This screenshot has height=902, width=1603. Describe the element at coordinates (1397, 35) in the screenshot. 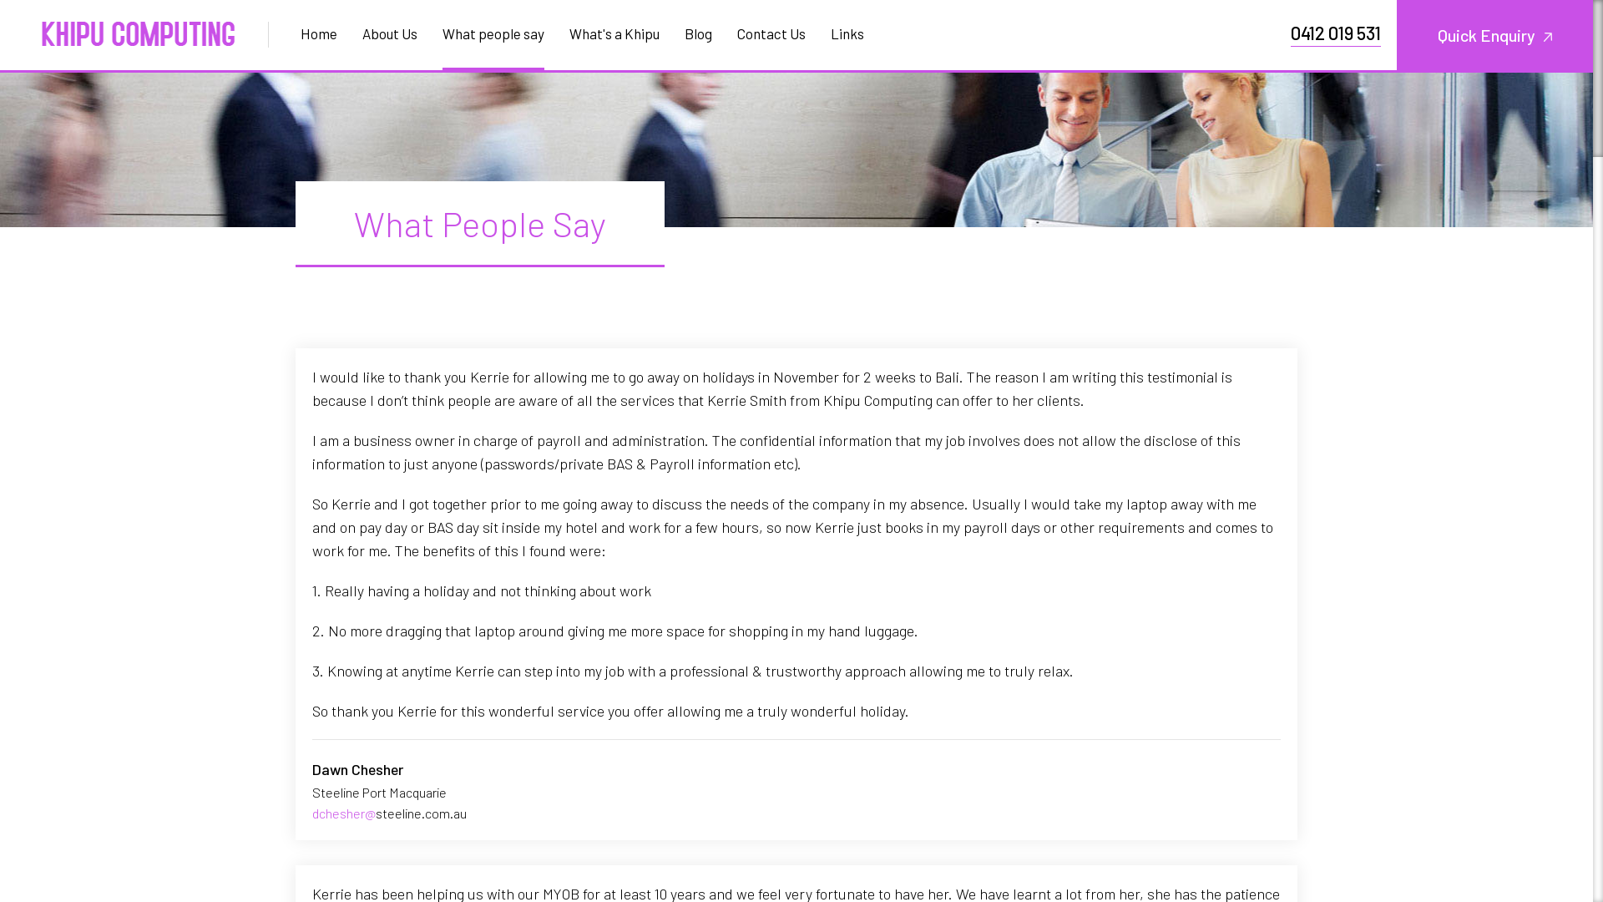

I see `'Quick Enquiry'` at that location.